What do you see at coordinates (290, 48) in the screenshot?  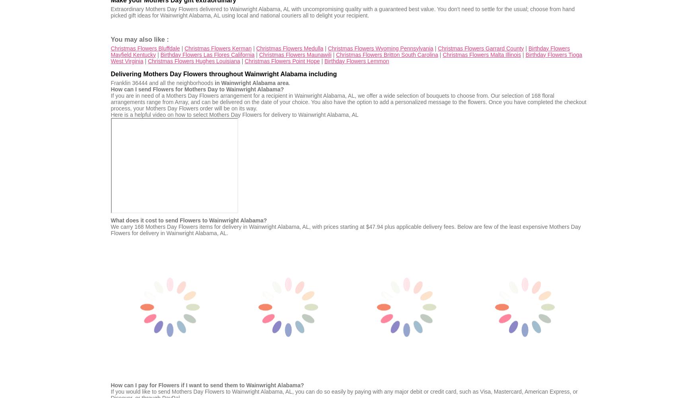 I see `'Christmas Flowers Medulla'` at bounding box center [290, 48].